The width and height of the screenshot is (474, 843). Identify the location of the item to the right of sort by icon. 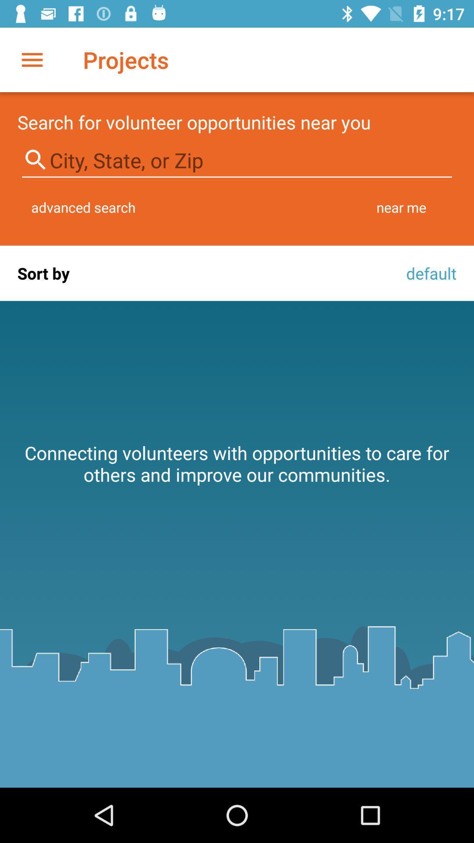
(428, 273).